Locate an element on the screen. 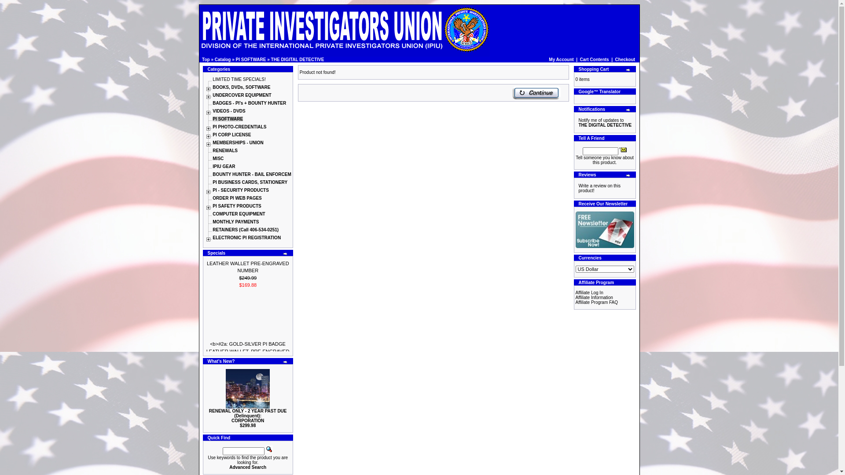  'ORDER PI WEB PAGES' is located at coordinates (237, 198).